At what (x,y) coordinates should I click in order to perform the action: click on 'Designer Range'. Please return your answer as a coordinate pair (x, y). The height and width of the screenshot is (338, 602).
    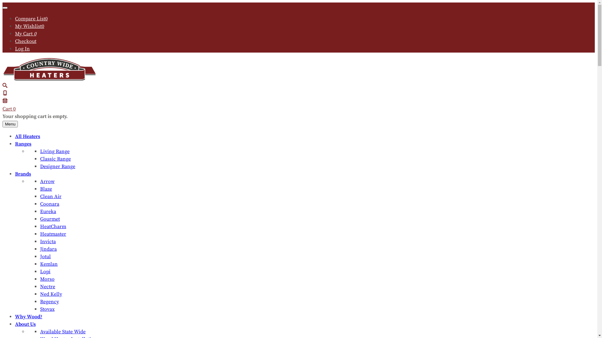
    Looking at the image, I should click on (40, 166).